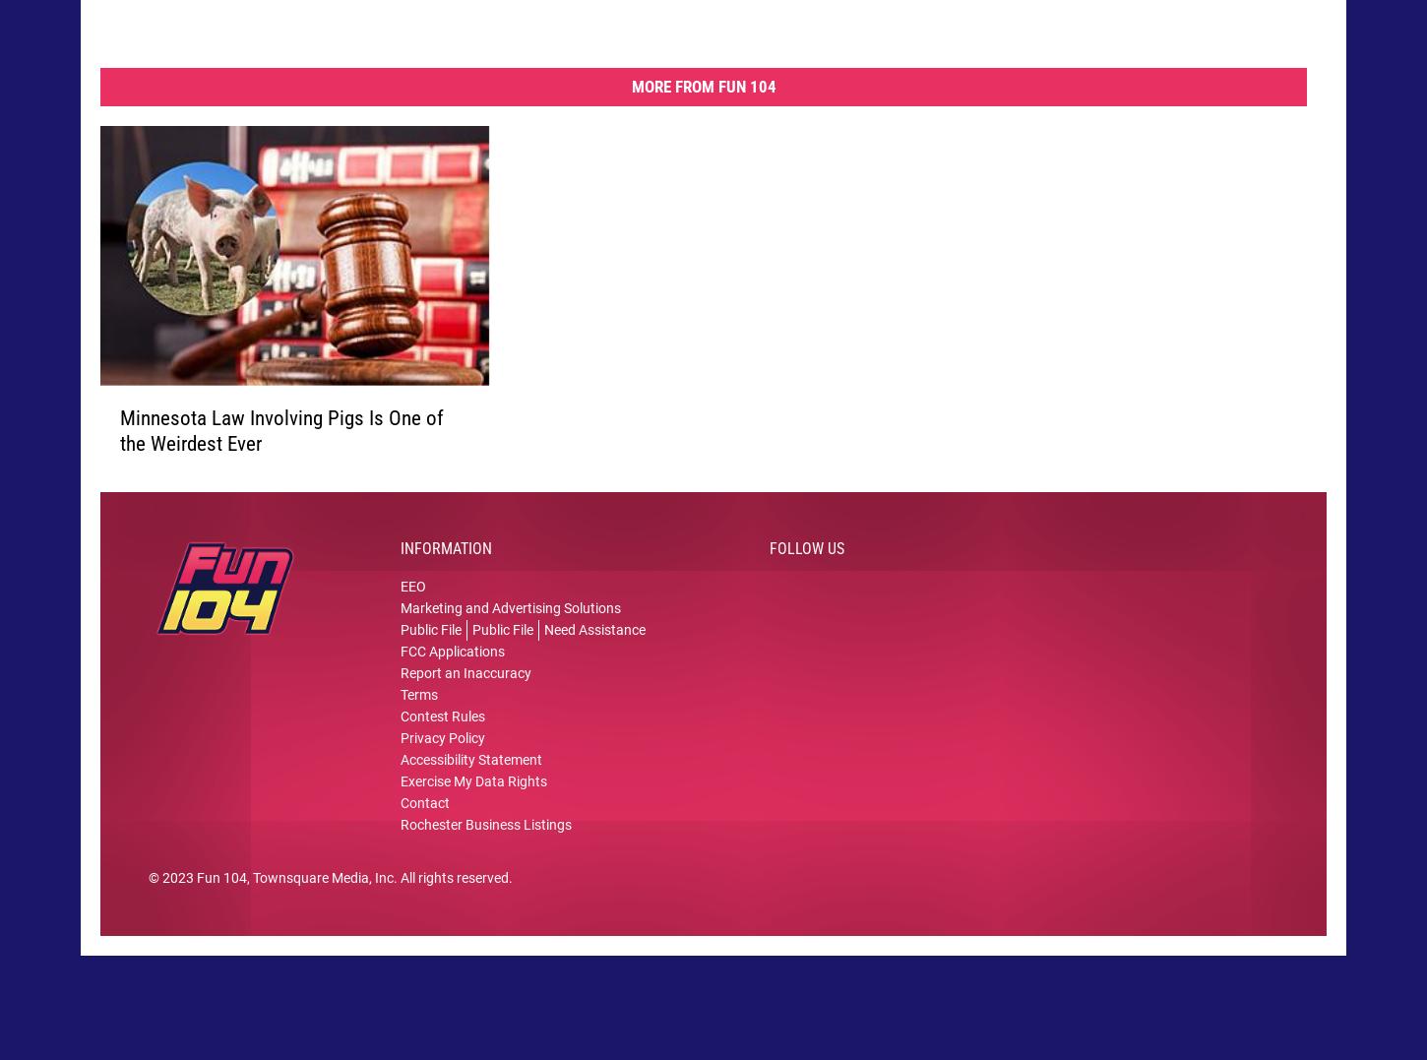 This screenshot has width=1427, height=1060. I want to click on 'More From Fun 104', so click(702, 102).